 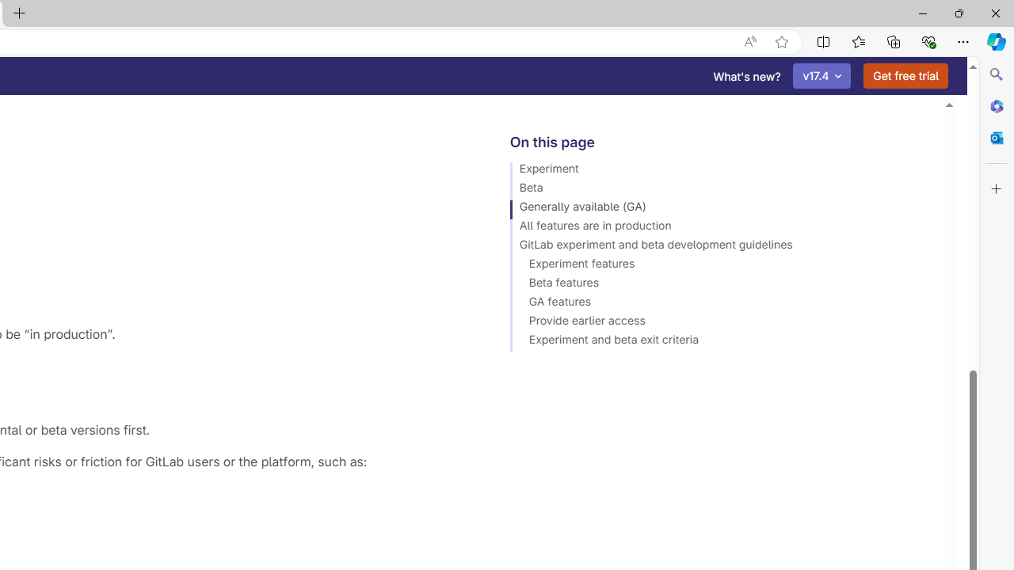 What do you see at coordinates (905, 76) in the screenshot?
I see `'Get free trial'` at bounding box center [905, 76].